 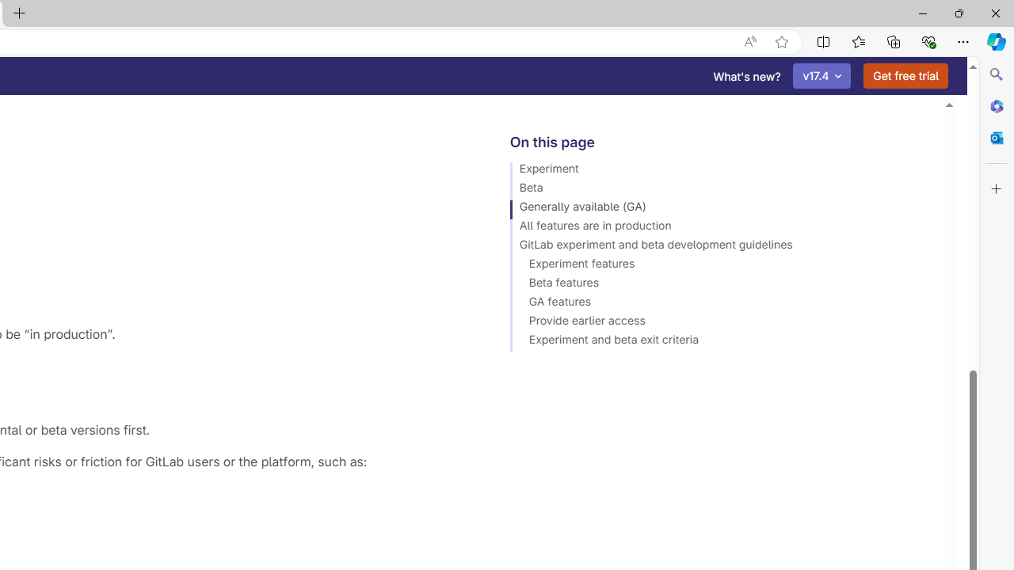 What do you see at coordinates (905, 76) in the screenshot?
I see `'Get free trial'` at bounding box center [905, 76].